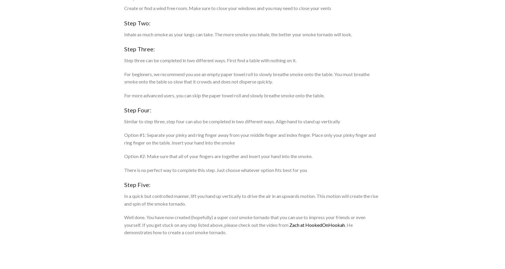 The image size is (505, 269). Describe the element at coordinates (124, 60) in the screenshot. I see `'Step three can be completed in two different ways. First find a table with nothing on it.'` at that location.